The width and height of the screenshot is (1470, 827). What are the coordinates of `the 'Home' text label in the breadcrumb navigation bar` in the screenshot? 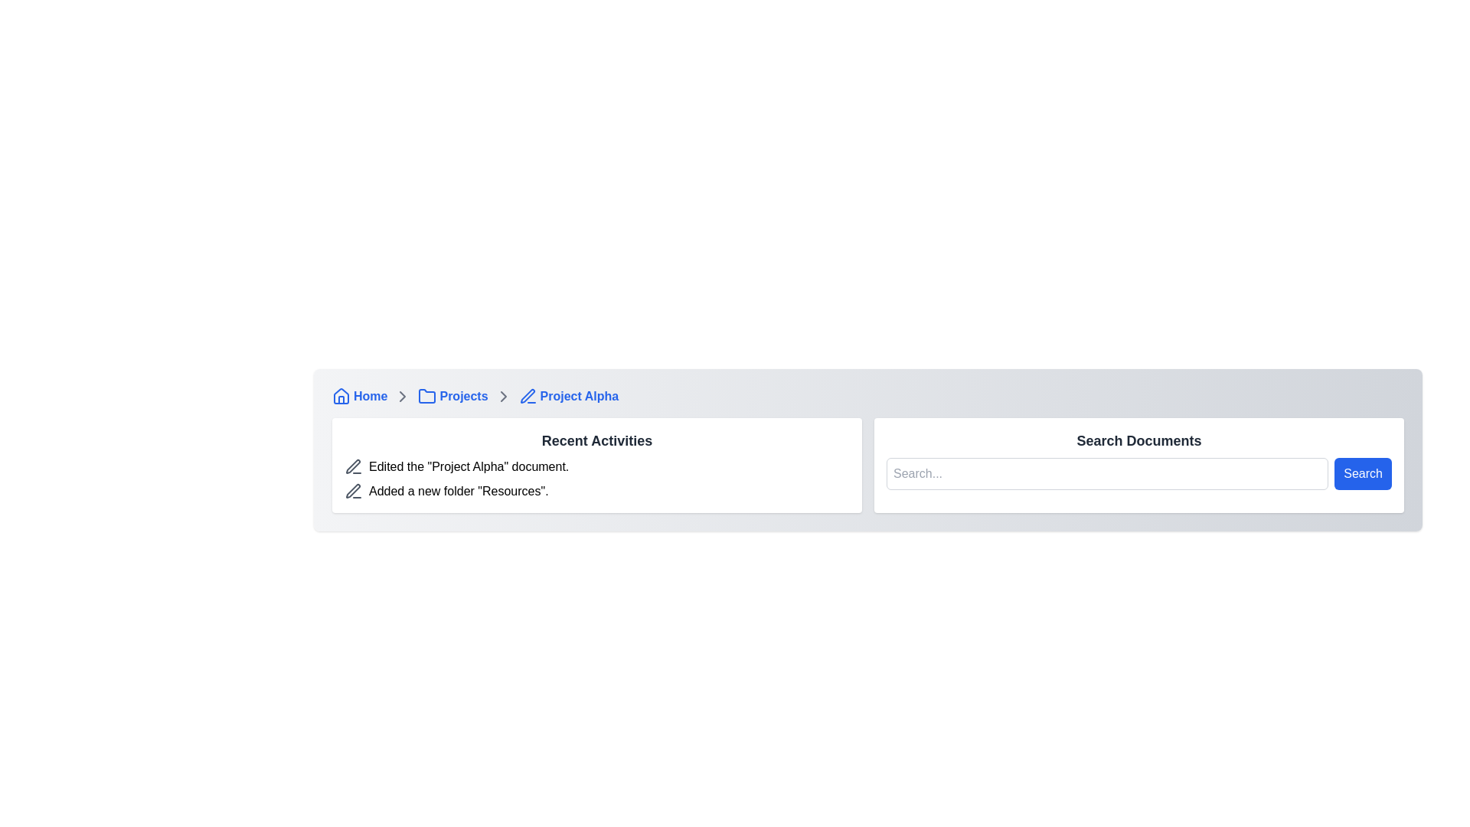 It's located at (371, 395).